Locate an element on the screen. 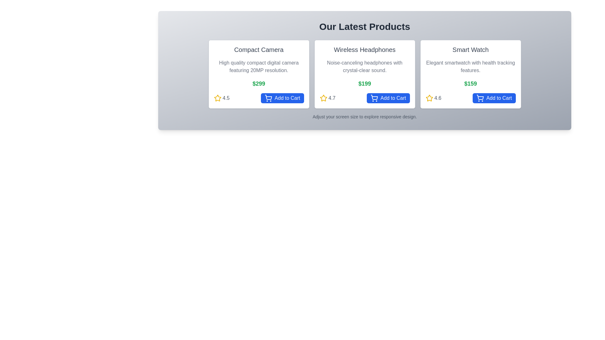  the Rating Display element located in the product card for the Compact Camera, which is positioned near the bottom-left corner of the card, above the Add to Cart button is located at coordinates (222, 98).